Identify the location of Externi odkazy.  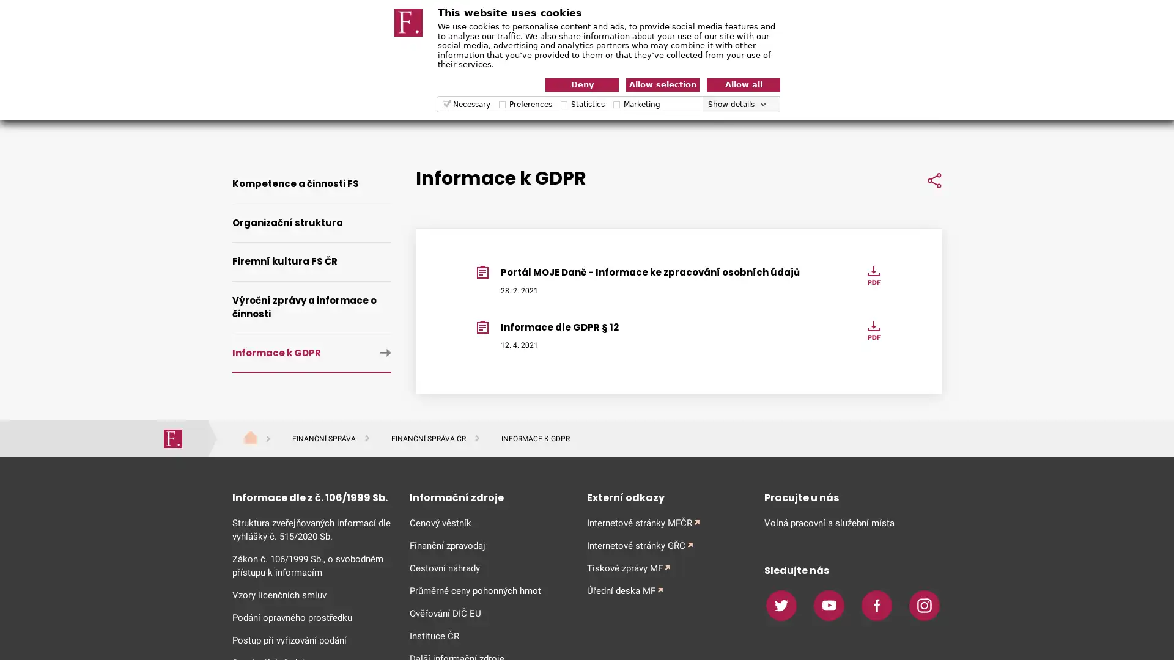
(665, 497).